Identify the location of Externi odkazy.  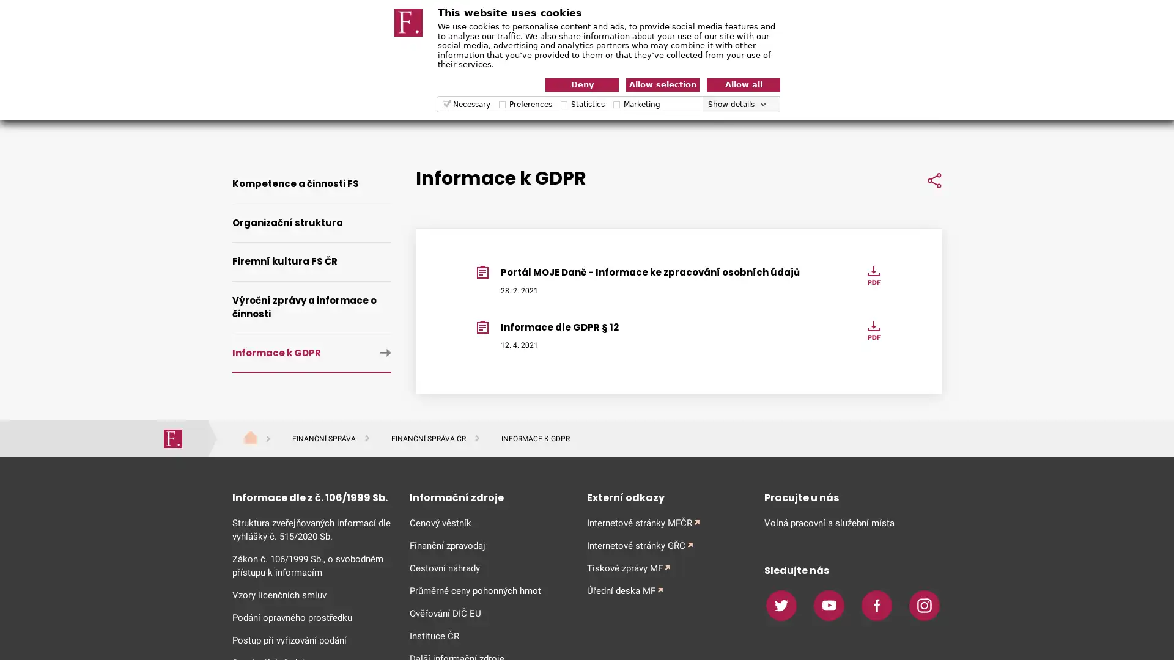
(665, 497).